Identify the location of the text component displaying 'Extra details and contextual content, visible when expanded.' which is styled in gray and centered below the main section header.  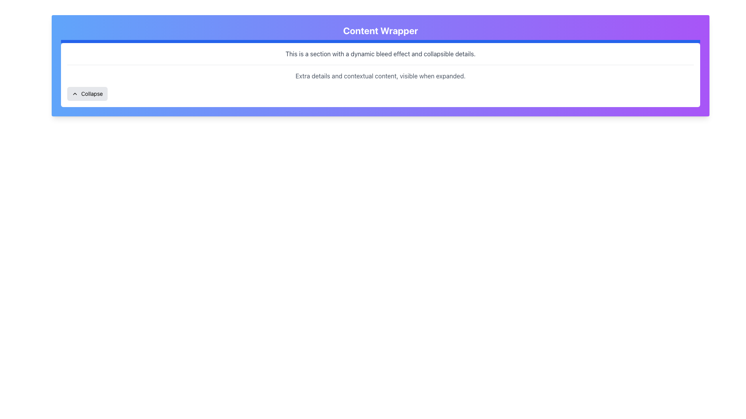
(380, 76).